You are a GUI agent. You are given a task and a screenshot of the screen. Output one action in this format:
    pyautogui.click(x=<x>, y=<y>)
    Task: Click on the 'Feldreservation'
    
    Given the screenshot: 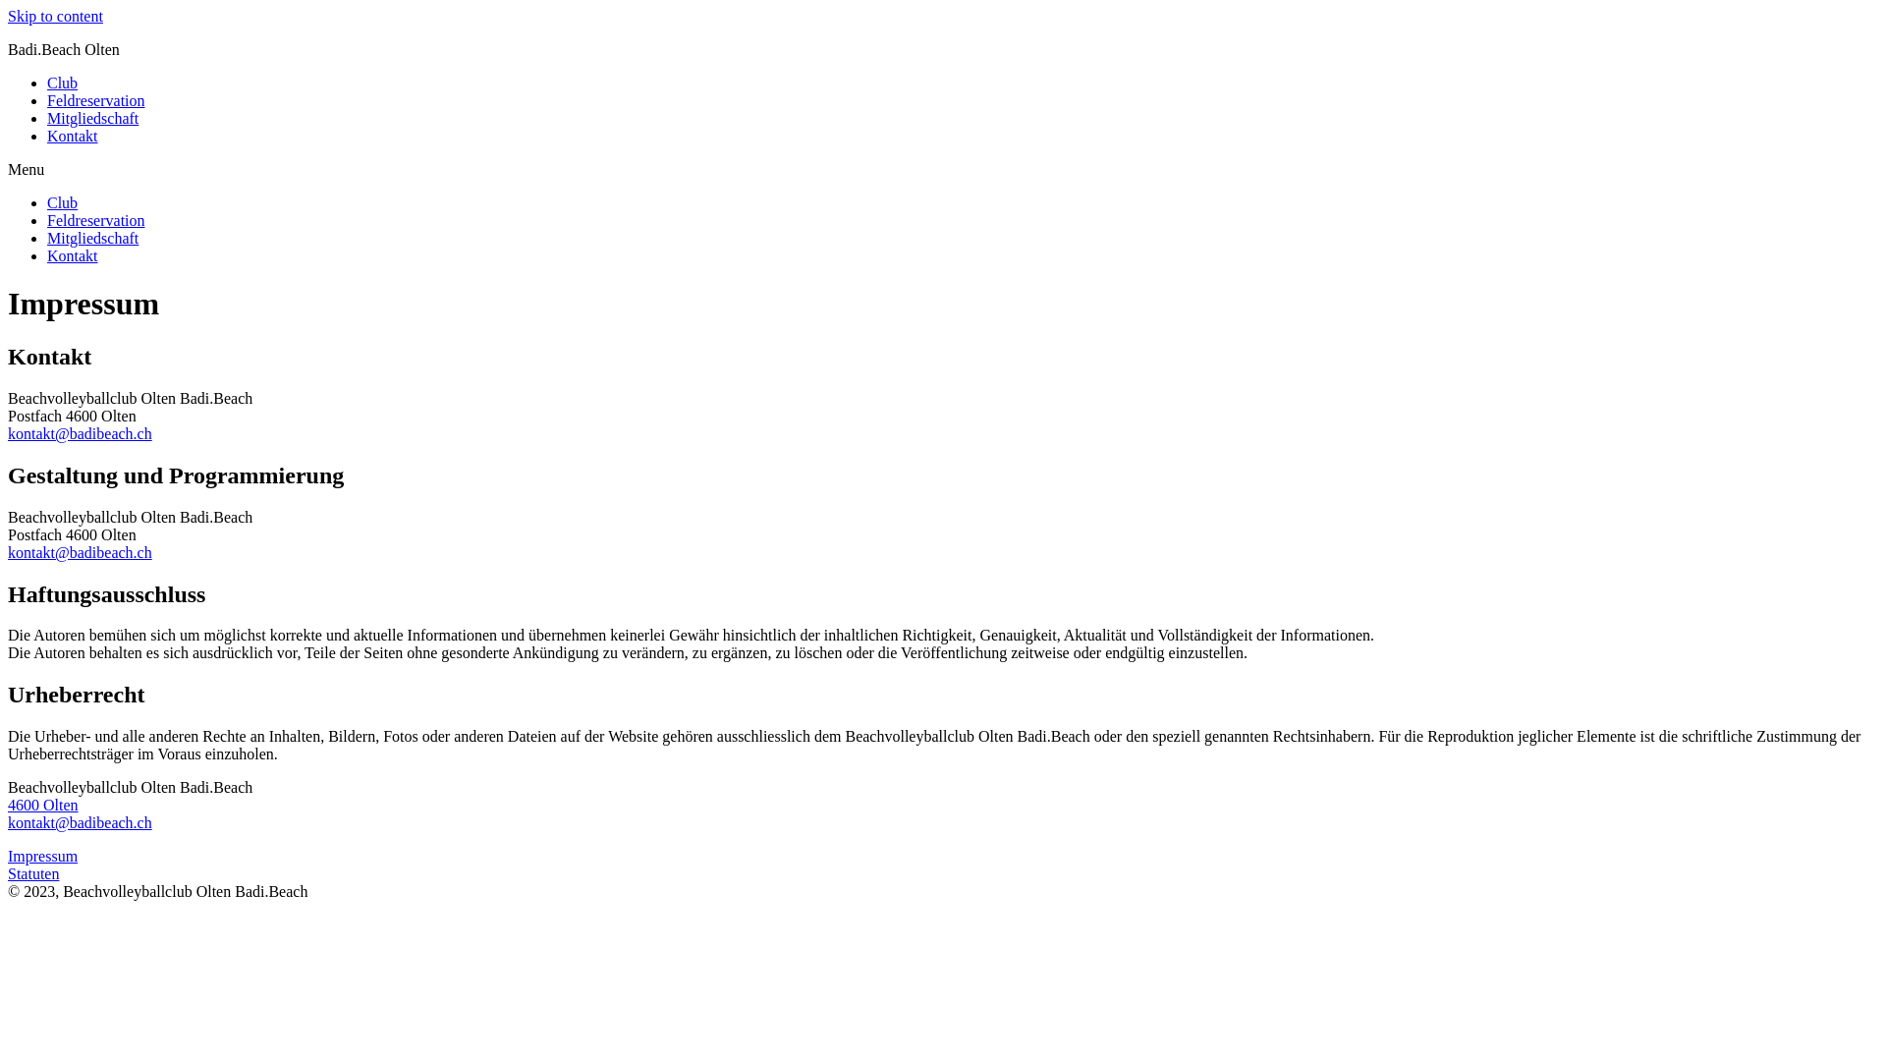 What is the action you would take?
    pyautogui.click(x=94, y=220)
    